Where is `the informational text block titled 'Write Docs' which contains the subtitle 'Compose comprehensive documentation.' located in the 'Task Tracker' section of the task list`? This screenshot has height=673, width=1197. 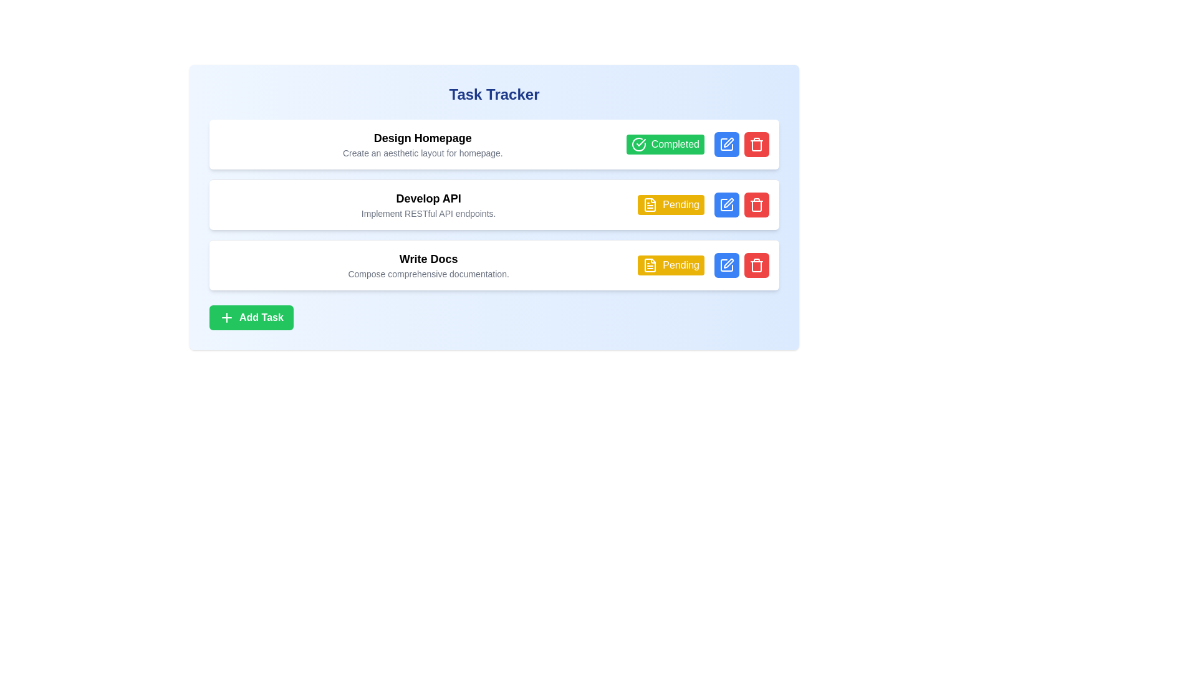 the informational text block titled 'Write Docs' which contains the subtitle 'Compose comprehensive documentation.' located in the 'Task Tracker' section of the task list is located at coordinates (428, 264).